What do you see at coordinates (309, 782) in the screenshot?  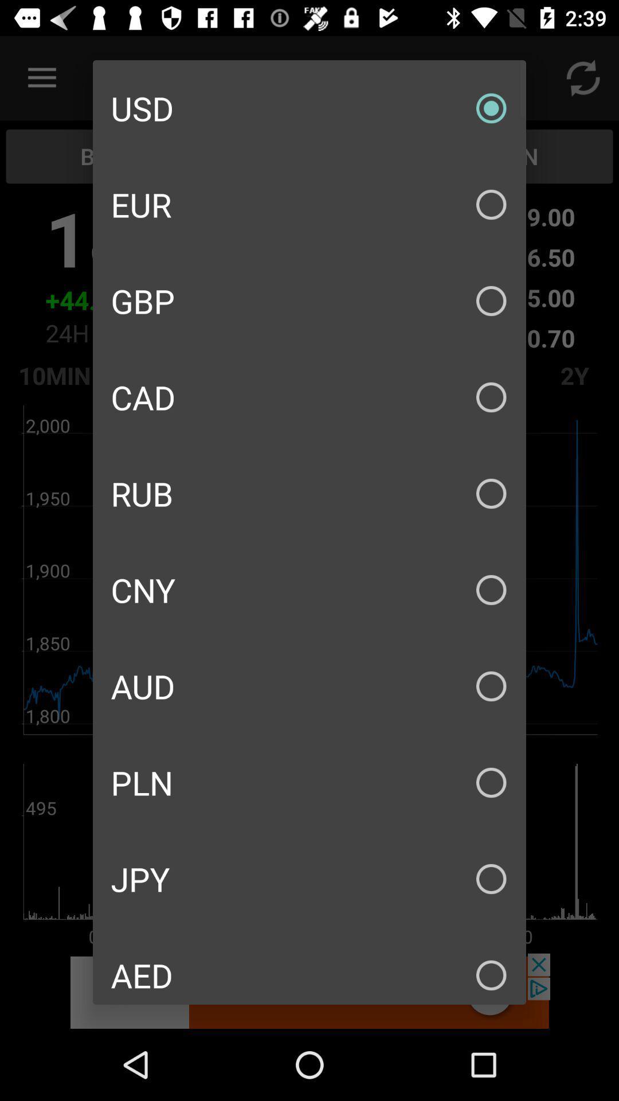 I see `item above the jpy item` at bounding box center [309, 782].